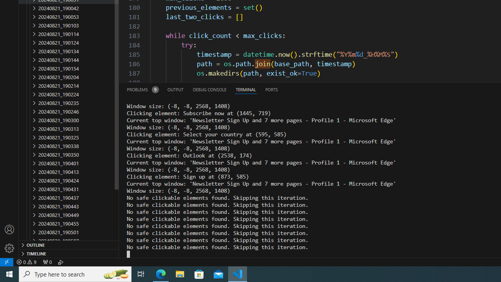 This screenshot has width=501, height=282. What do you see at coordinates (60, 262) in the screenshot?
I see `'Debug: '` at bounding box center [60, 262].